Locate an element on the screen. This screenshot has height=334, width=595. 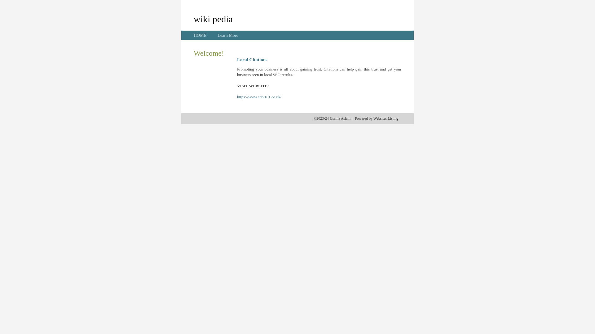
'https://www.cctv101.co.uk/' is located at coordinates (259, 97).